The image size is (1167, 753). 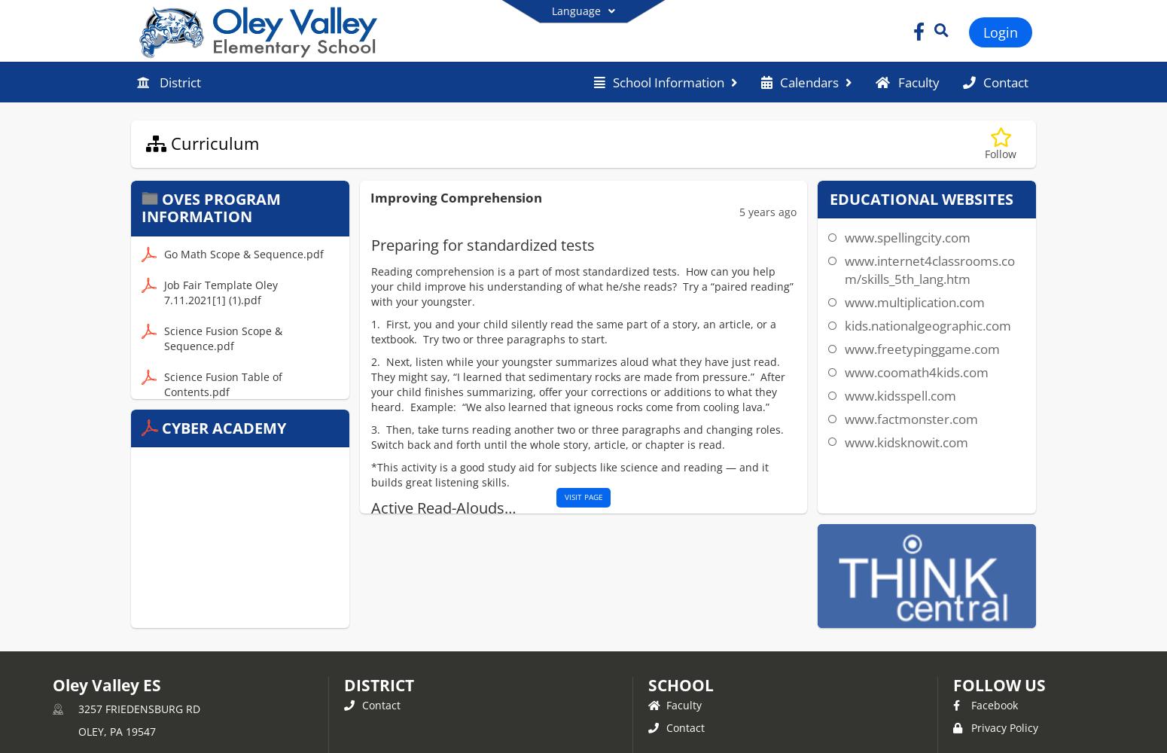 I want to click on 'Preparing for standardized tests', so click(x=369, y=244).